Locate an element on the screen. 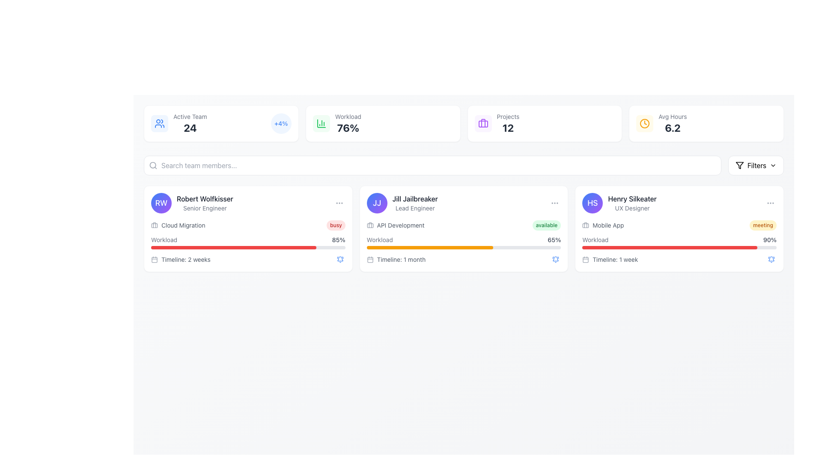 This screenshot has height=462, width=822. the pill-shaped button labeled 'meeting' with a light yellow background and amber text, located at the top-right corner of Henry Silkeater's card, adjacent to the 'Mobile App' text is located at coordinates (763, 225).